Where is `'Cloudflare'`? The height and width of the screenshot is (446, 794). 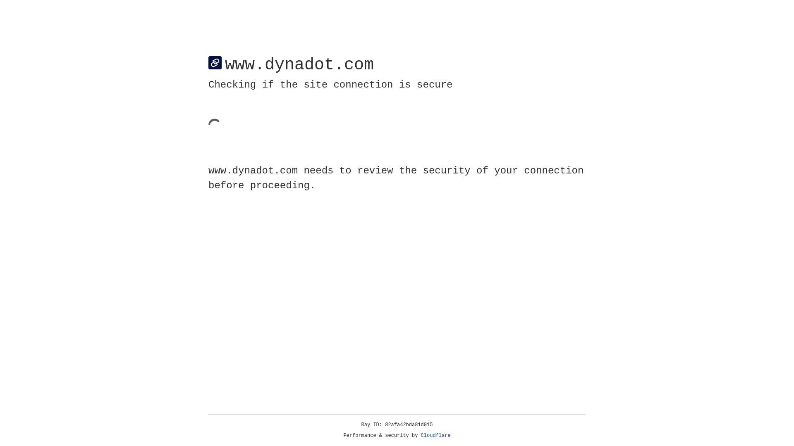
'Cloudflare' is located at coordinates (435, 435).